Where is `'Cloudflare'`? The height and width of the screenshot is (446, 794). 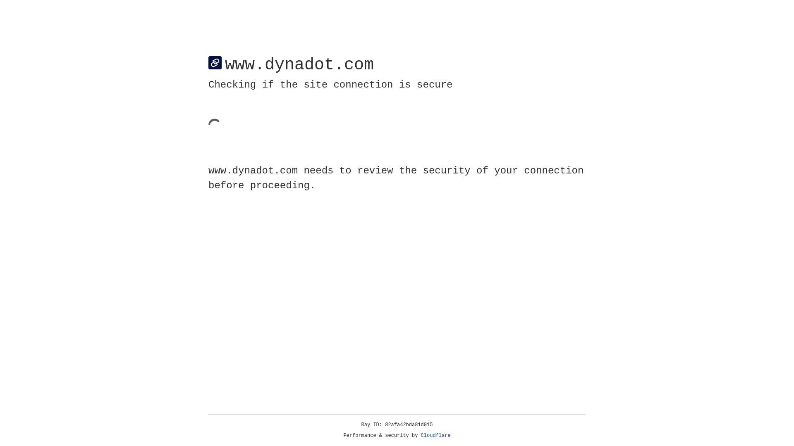
'Cloudflare' is located at coordinates (435, 435).